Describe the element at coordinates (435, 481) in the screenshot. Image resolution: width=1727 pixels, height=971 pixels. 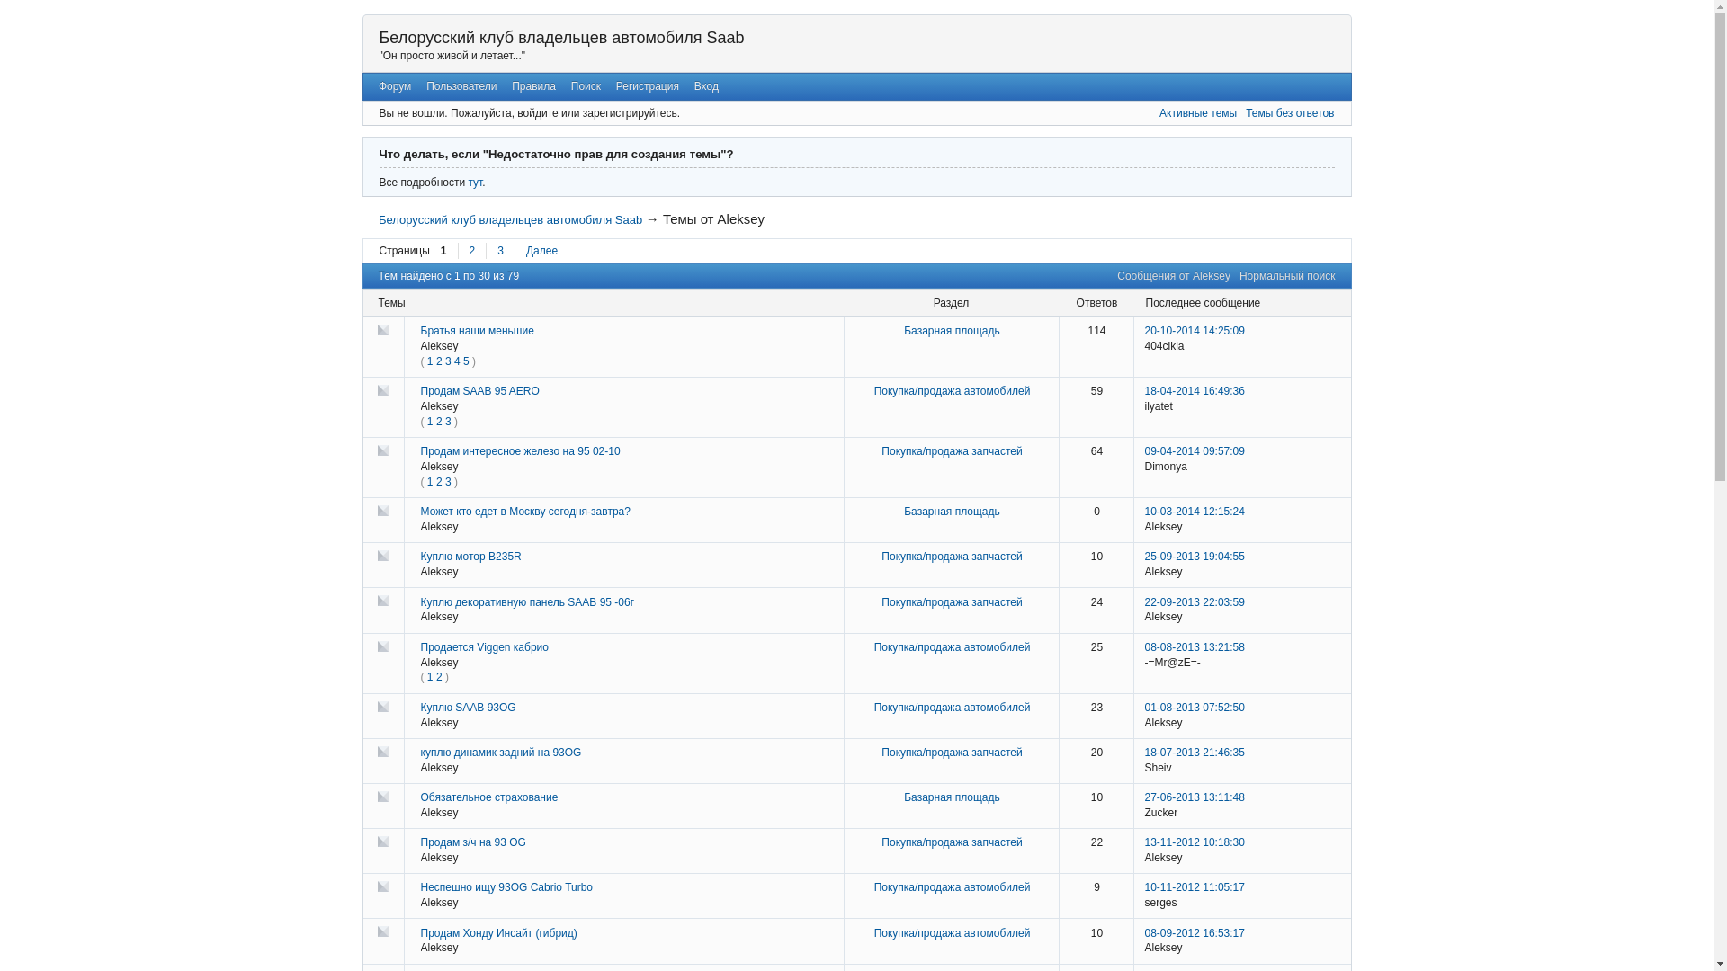
I see `'2'` at that location.